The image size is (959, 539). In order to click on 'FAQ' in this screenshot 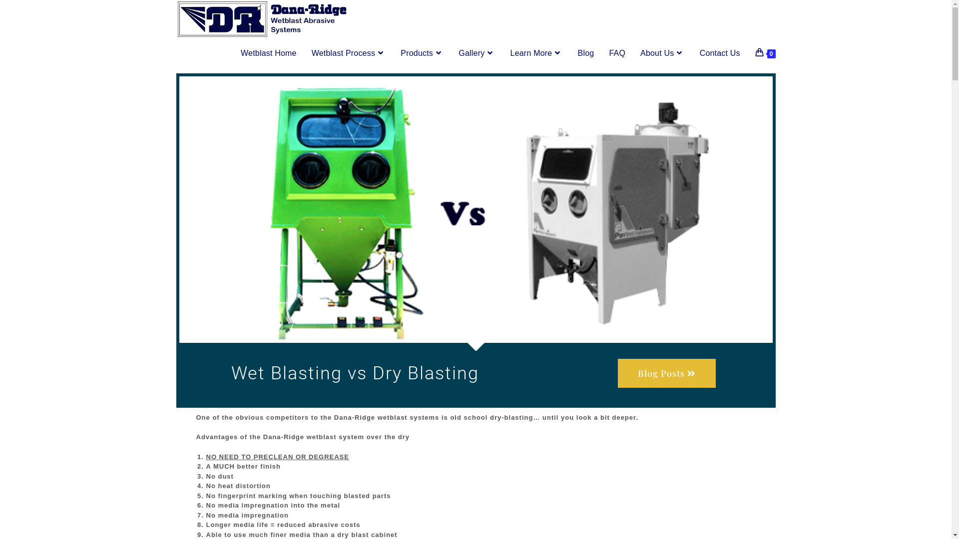, I will do `click(616, 53)`.